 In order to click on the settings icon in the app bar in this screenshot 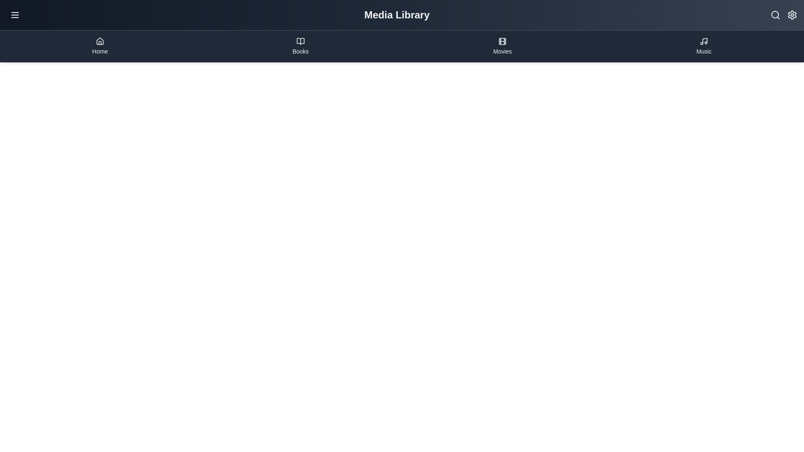, I will do `click(791, 15)`.